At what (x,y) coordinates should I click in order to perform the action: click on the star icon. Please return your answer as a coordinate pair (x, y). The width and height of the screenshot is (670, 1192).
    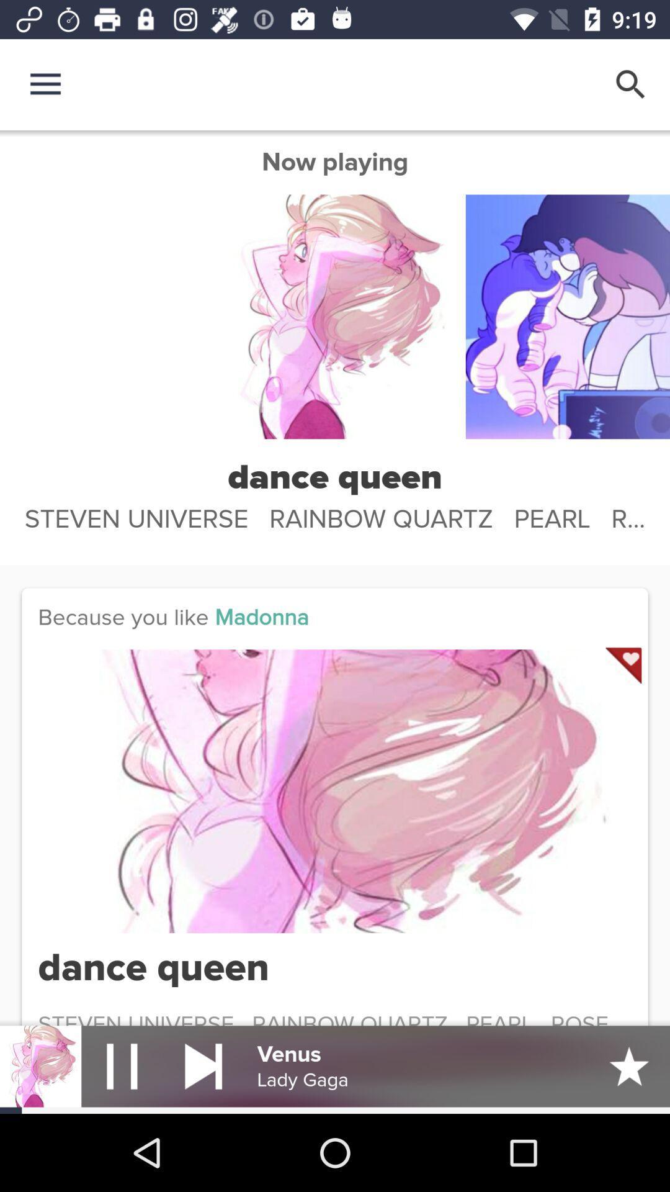
    Looking at the image, I should click on (629, 1065).